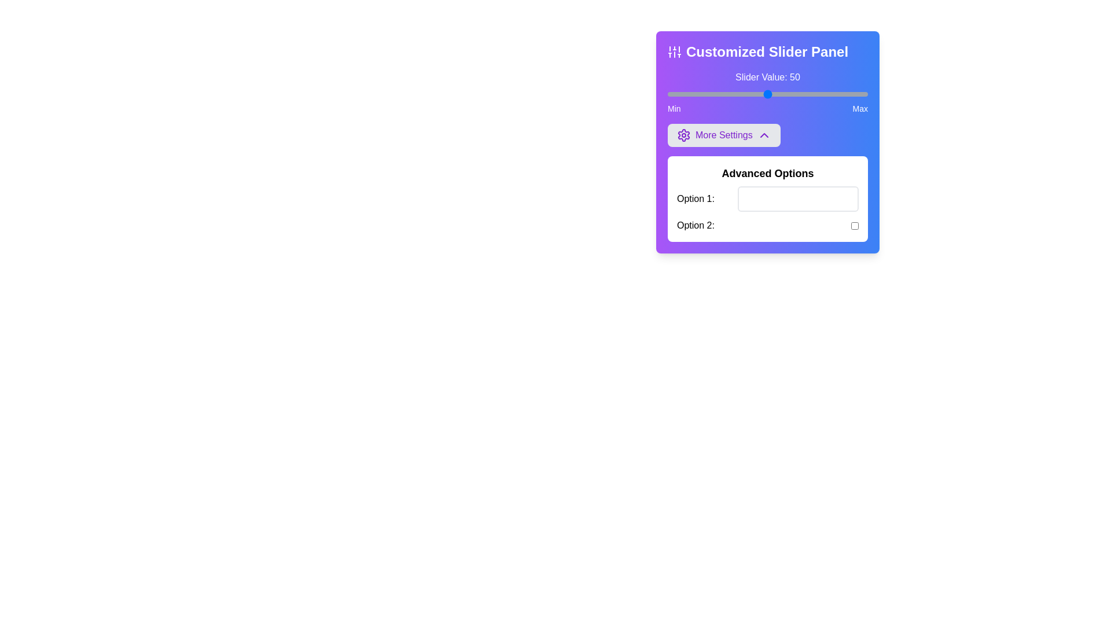  What do you see at coordinates (756, 93) in the screenshot?
I see `the slider's value` at bounding box center [756, 93].